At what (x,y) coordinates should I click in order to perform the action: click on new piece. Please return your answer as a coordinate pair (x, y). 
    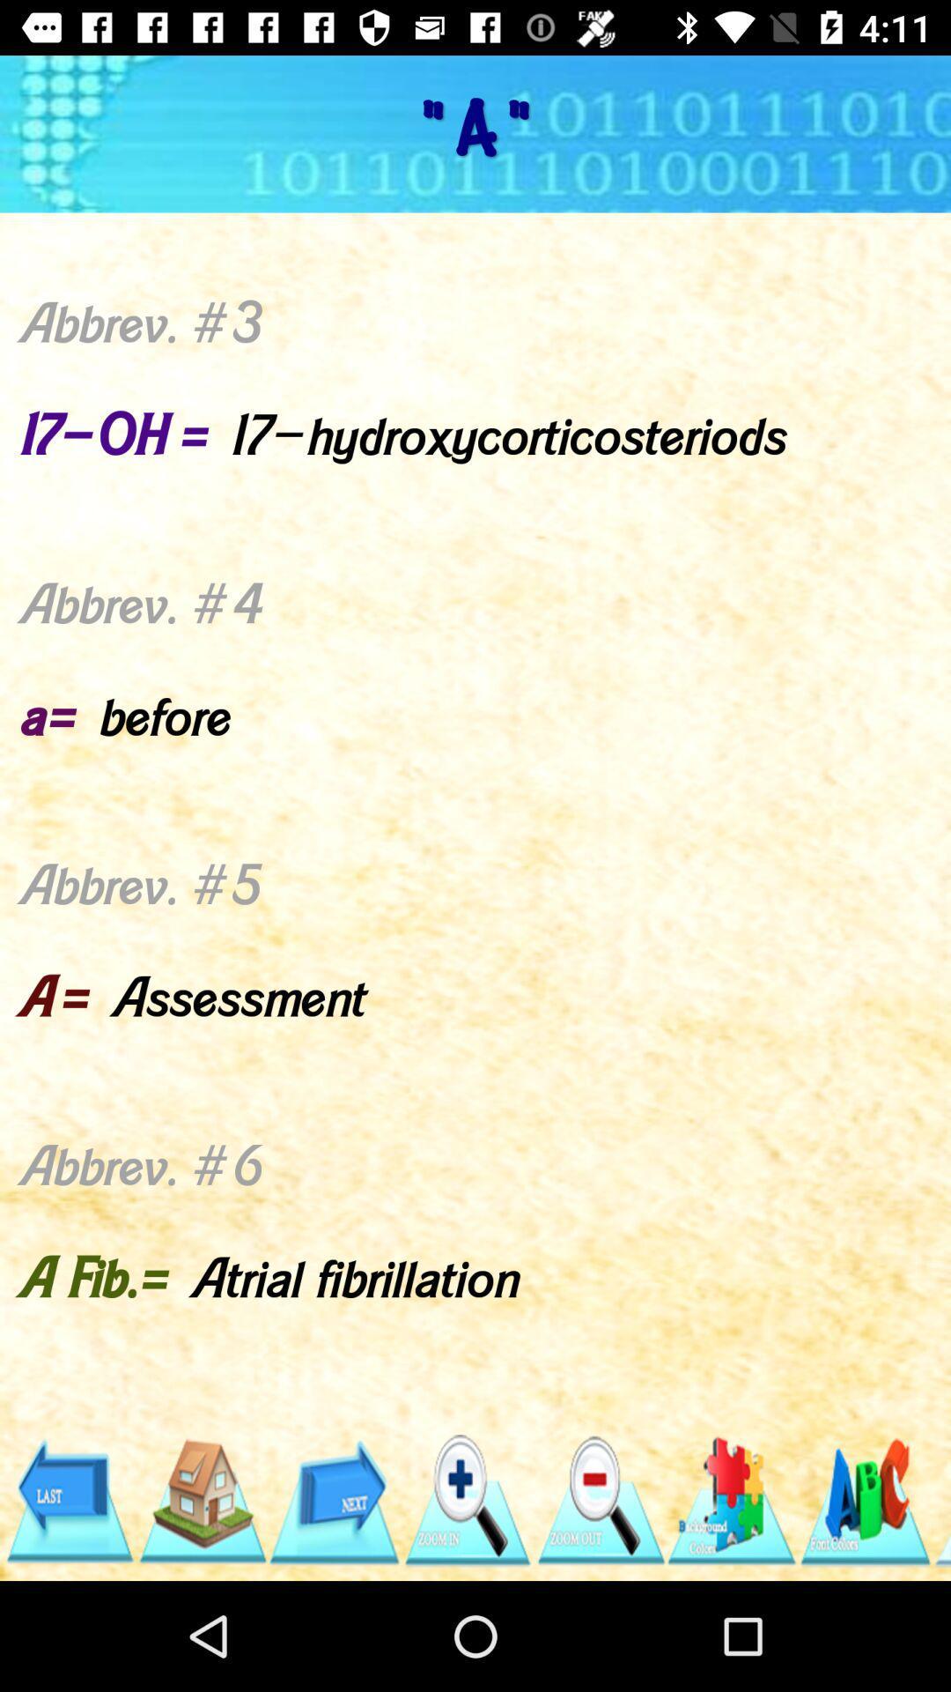
    Looking at the image, I should click on (733, 1500).